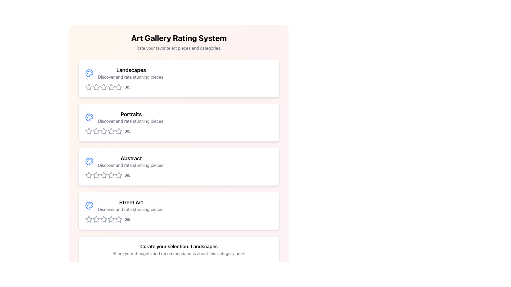 Image resolution: width=511 pixels, height=287 pixels. Describe the element at coordinates (89, 117) in the screenshot. I see `the 'Portraits' category icon located within the second card, positioned to the left of the card's title and description text` at that location.